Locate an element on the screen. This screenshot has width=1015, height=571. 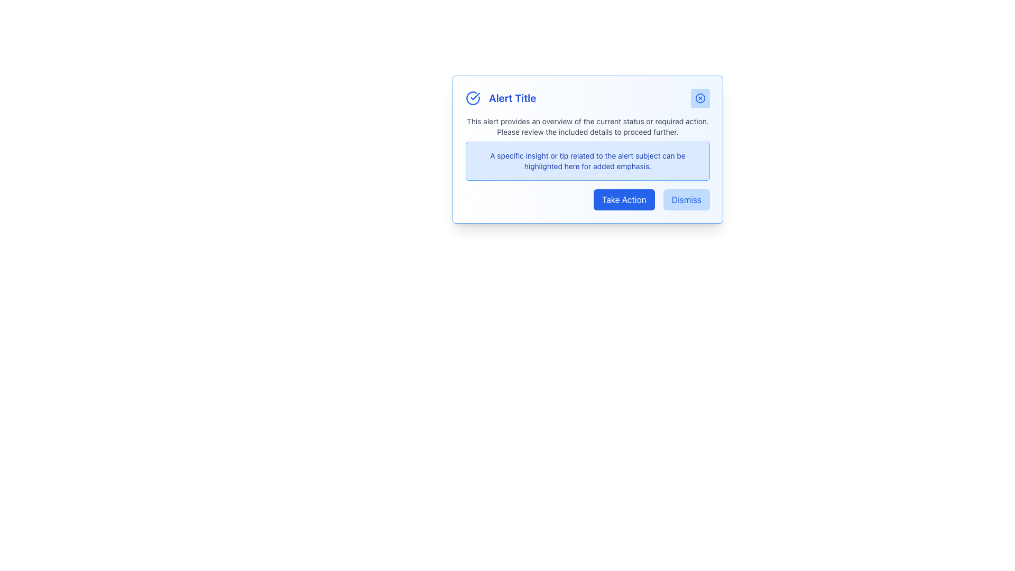
the dismiss button located at the top-right corner of the dialog box is located at coordinates (700, 98).